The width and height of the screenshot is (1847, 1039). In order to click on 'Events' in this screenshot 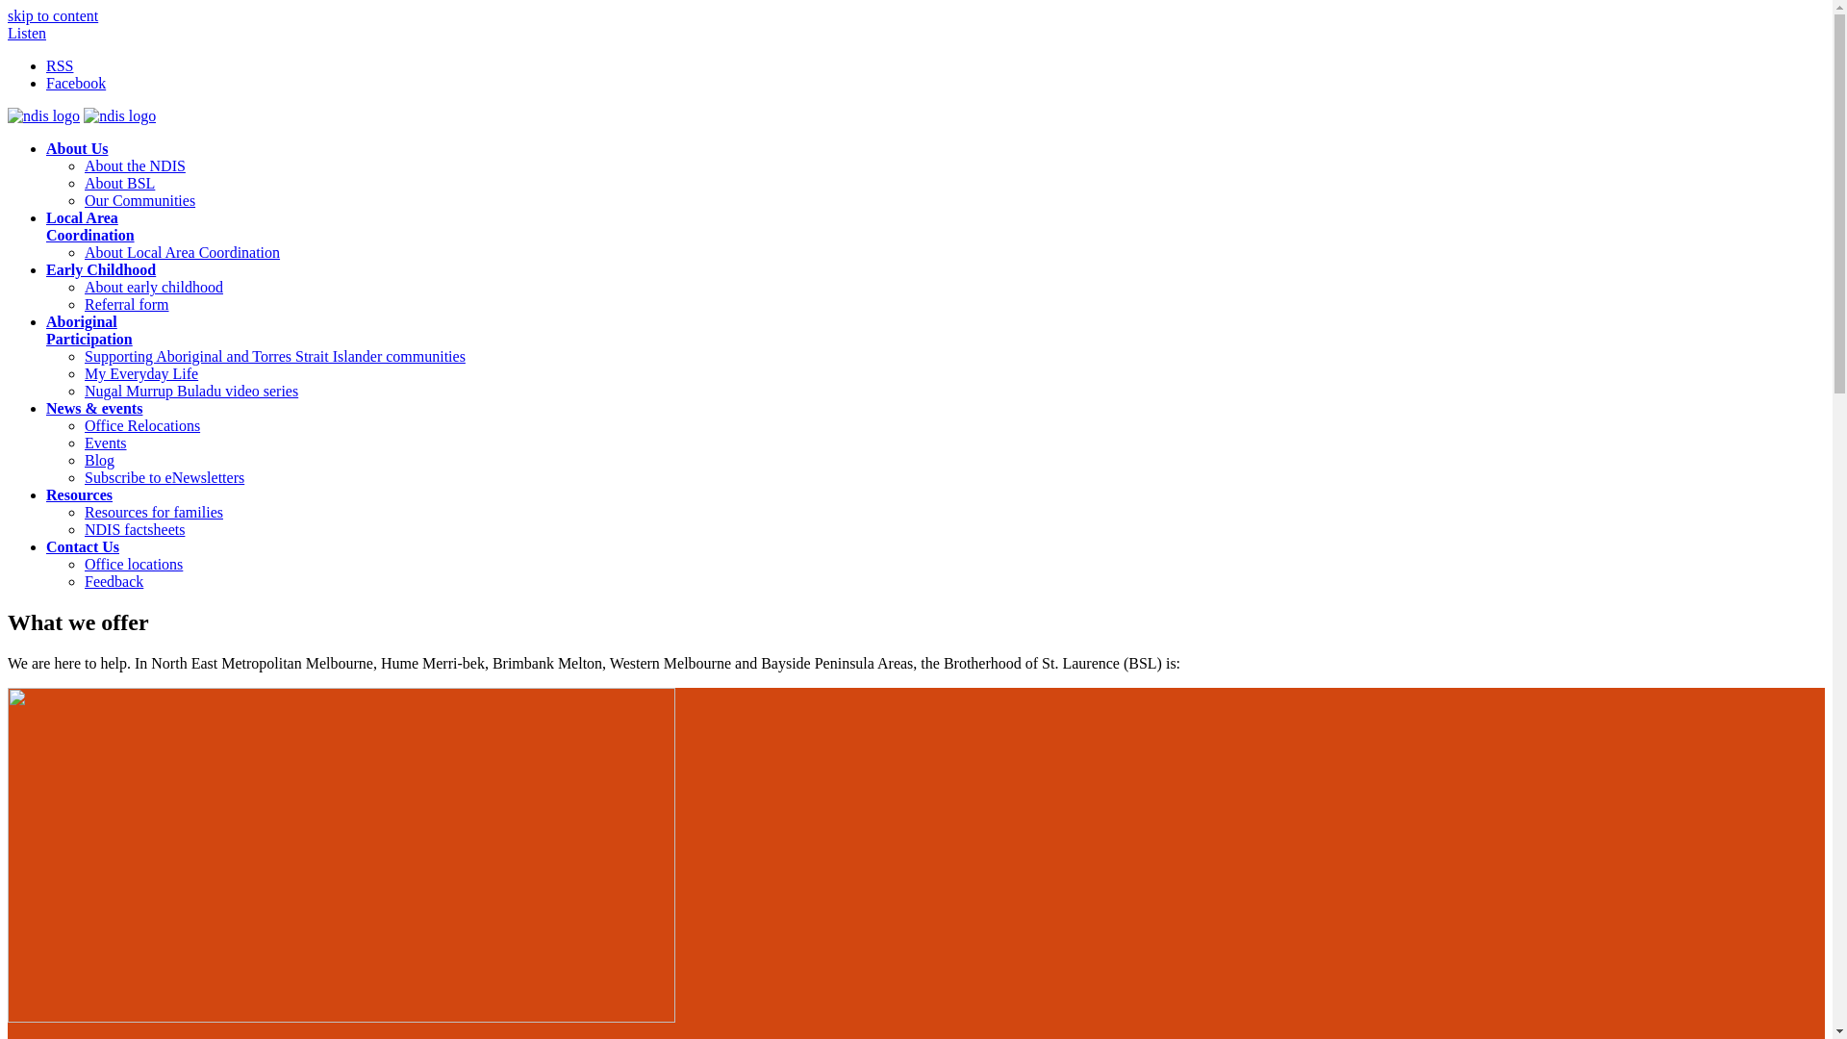, I will do `click(105, 443)`.